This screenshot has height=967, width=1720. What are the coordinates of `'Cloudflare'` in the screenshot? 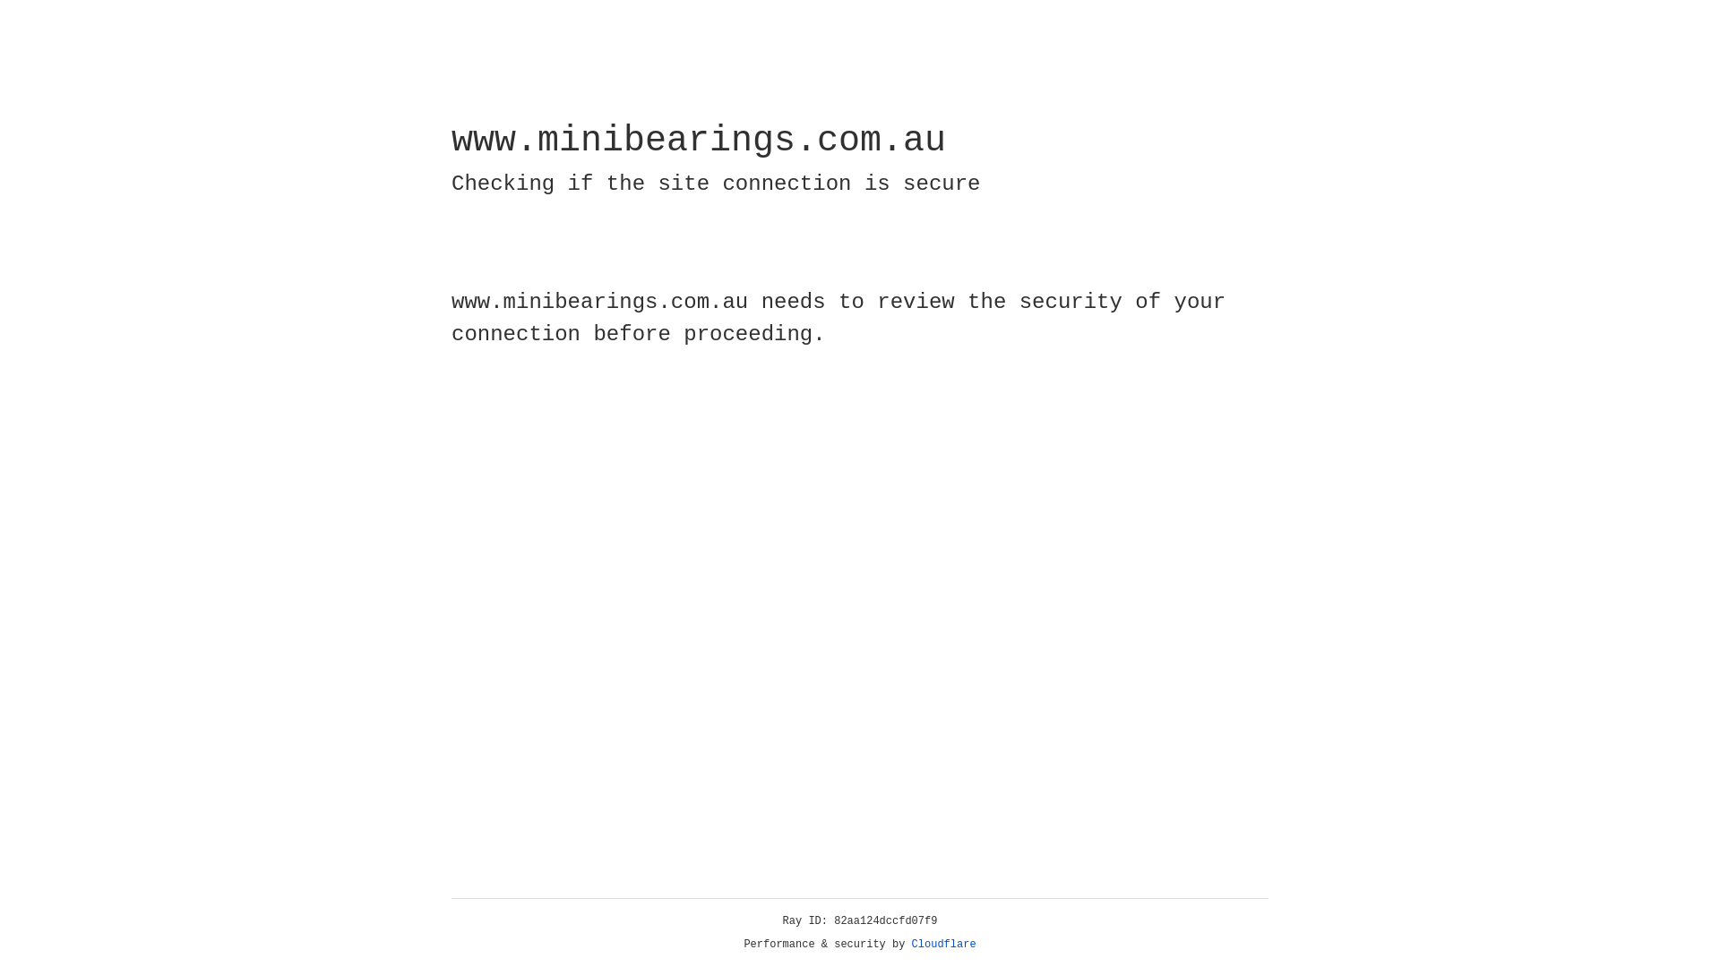 It's located at (943, 944).